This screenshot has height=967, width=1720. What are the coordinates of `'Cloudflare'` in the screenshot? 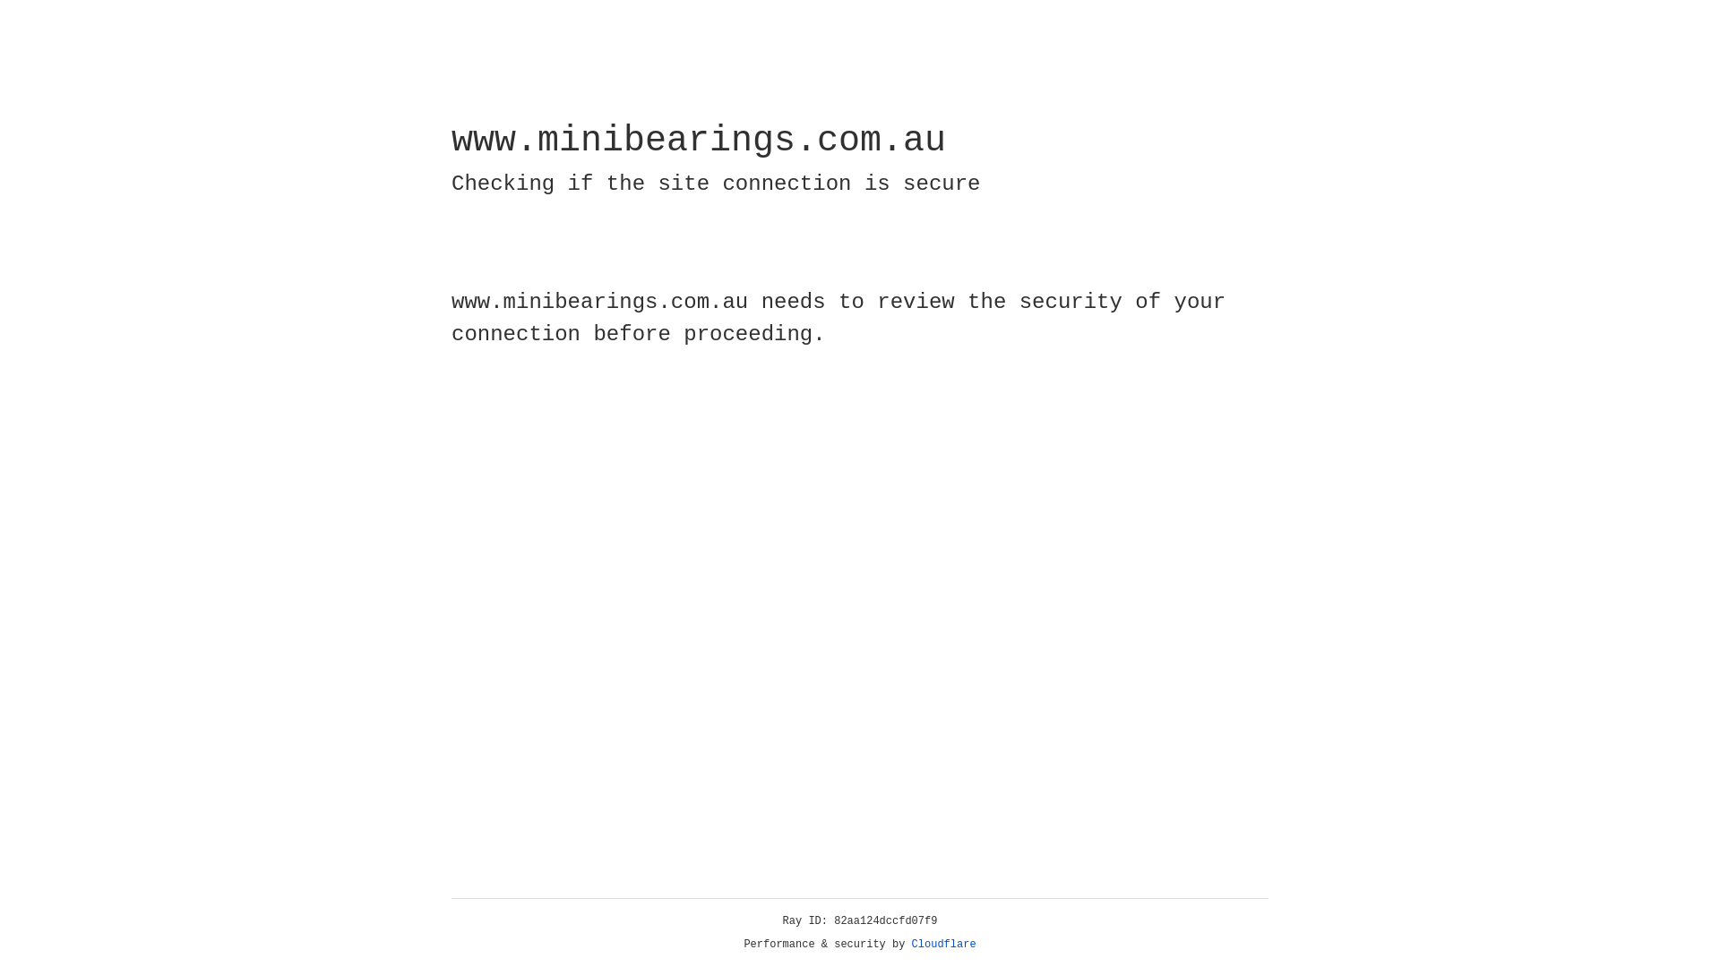 It's located at (943, 944).